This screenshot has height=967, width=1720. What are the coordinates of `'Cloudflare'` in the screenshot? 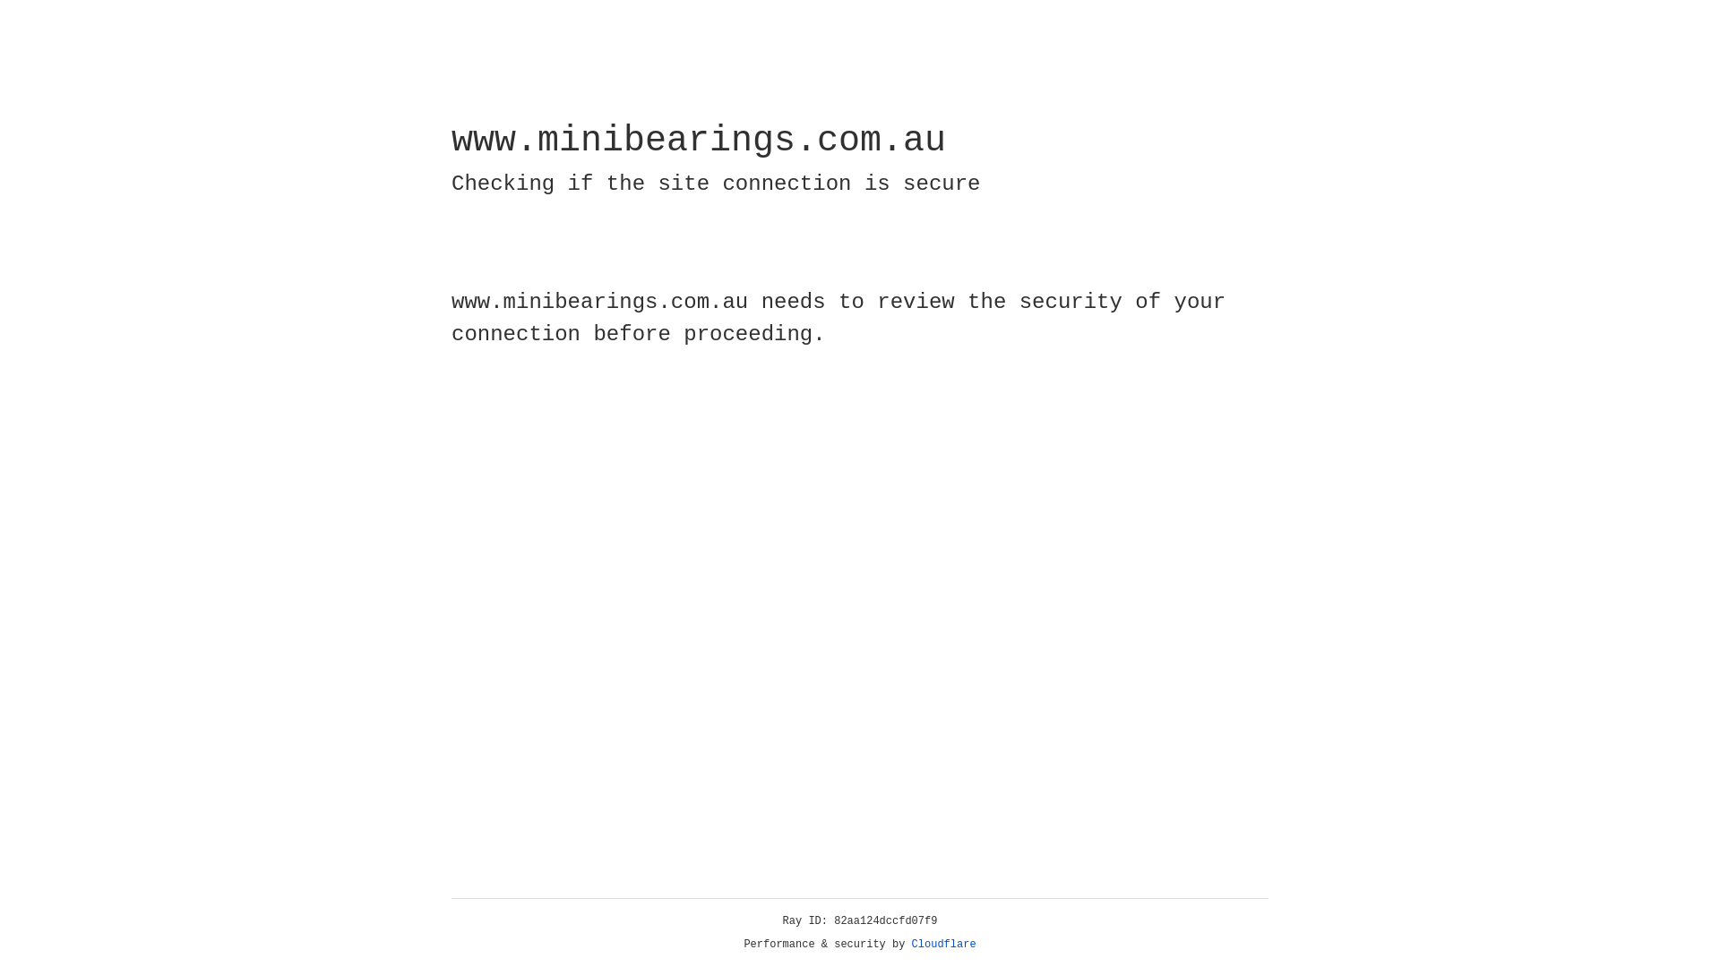 It's located at (943, 944).